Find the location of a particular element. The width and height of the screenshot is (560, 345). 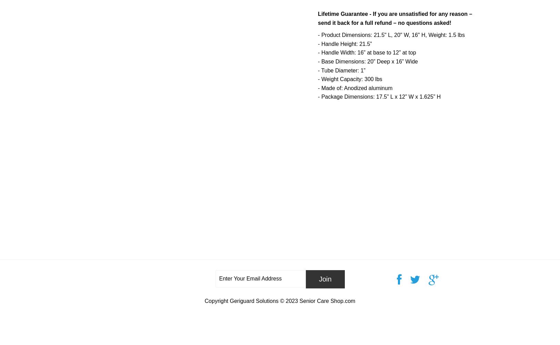

'Lifetime Guarantee - If you are unsatisfied for any reason – send it back for a full refund – no questions asked!' is located at coordinates (318, 18).